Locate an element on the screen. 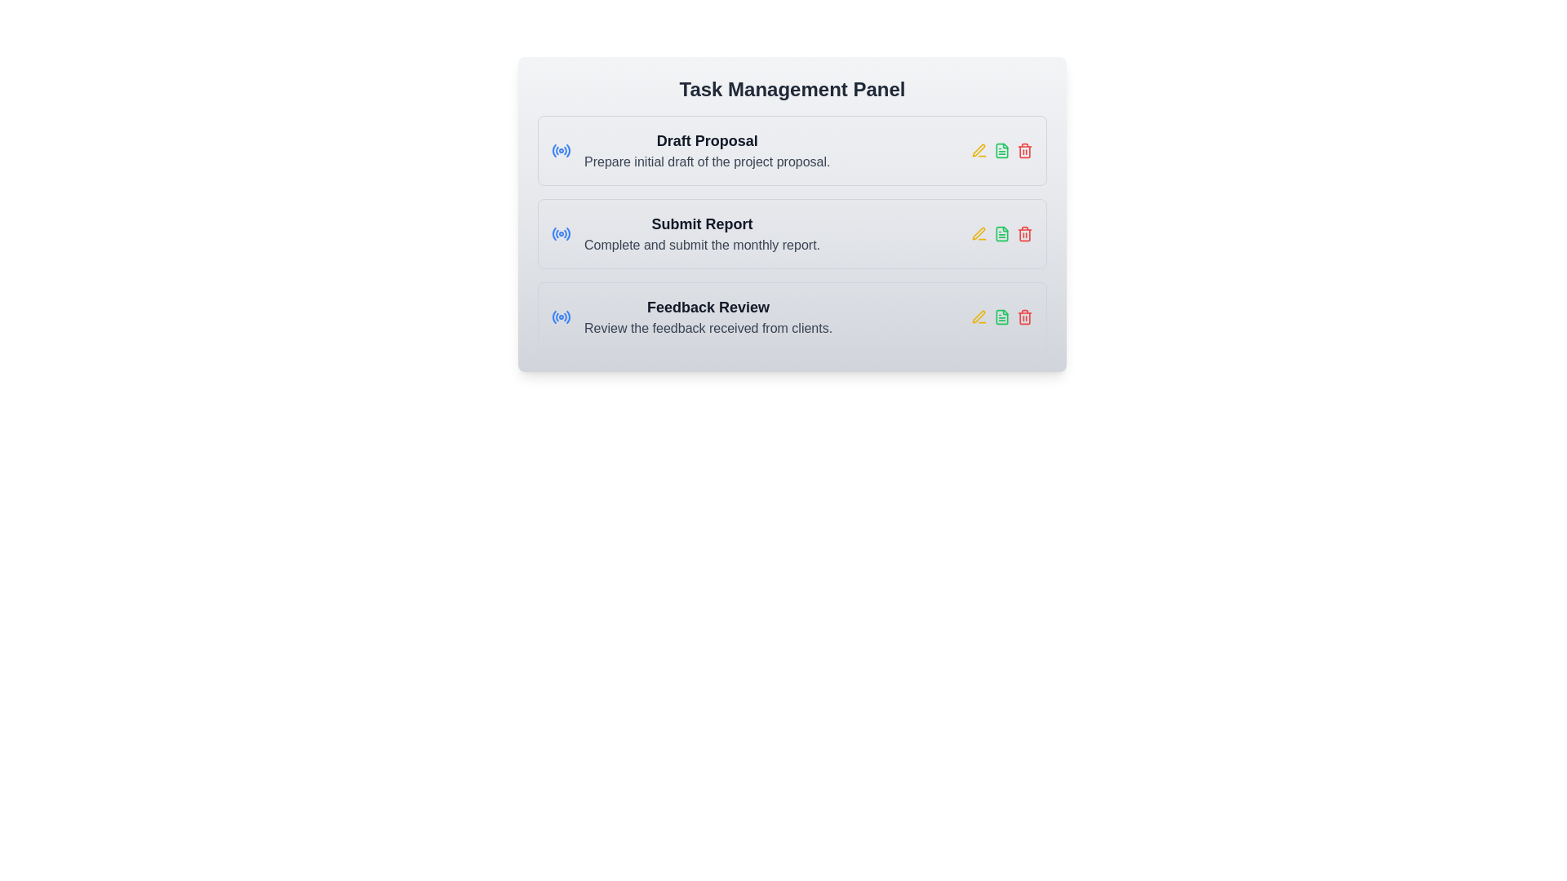  the icon in the 'Feedback Review' task panel is located at coordinates (1001, 317).